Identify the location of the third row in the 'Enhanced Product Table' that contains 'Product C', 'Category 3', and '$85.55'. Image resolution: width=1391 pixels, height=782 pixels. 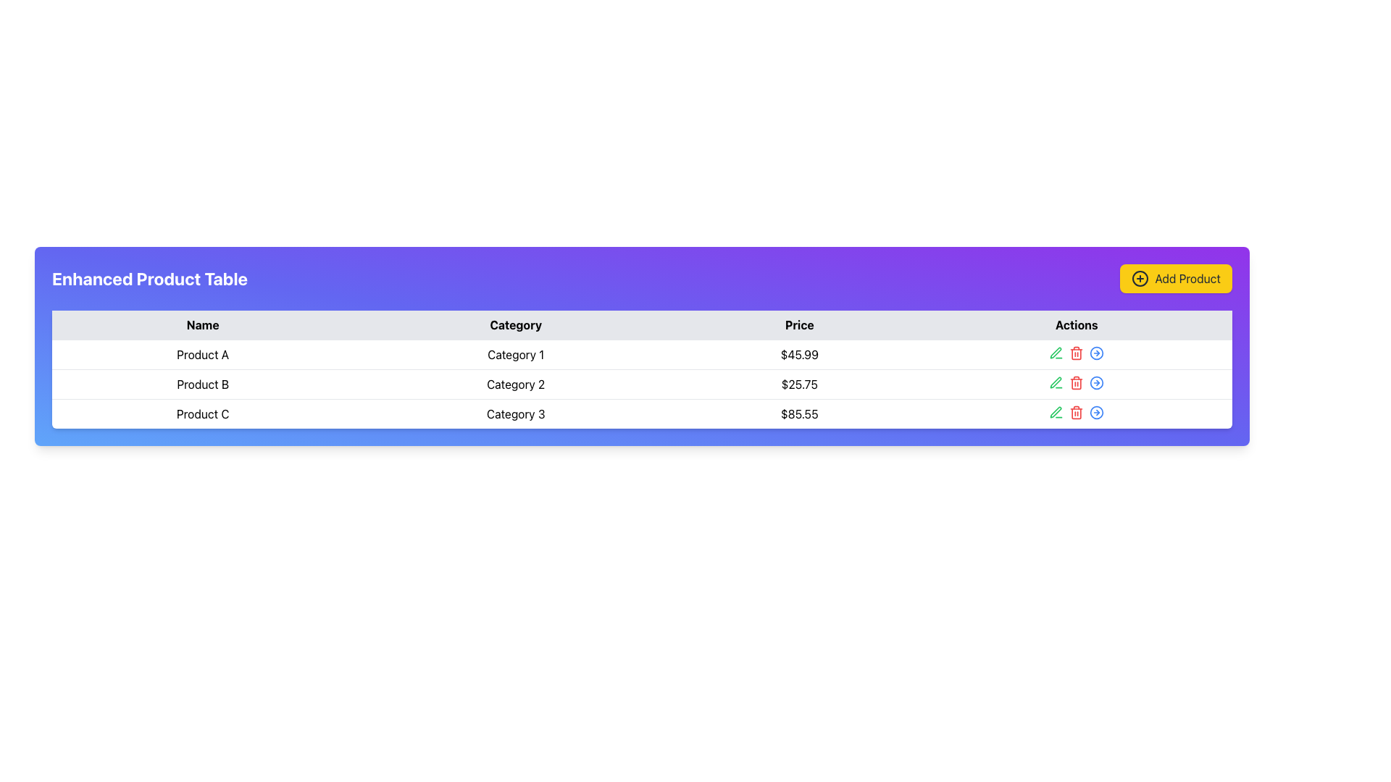
(641, 413).